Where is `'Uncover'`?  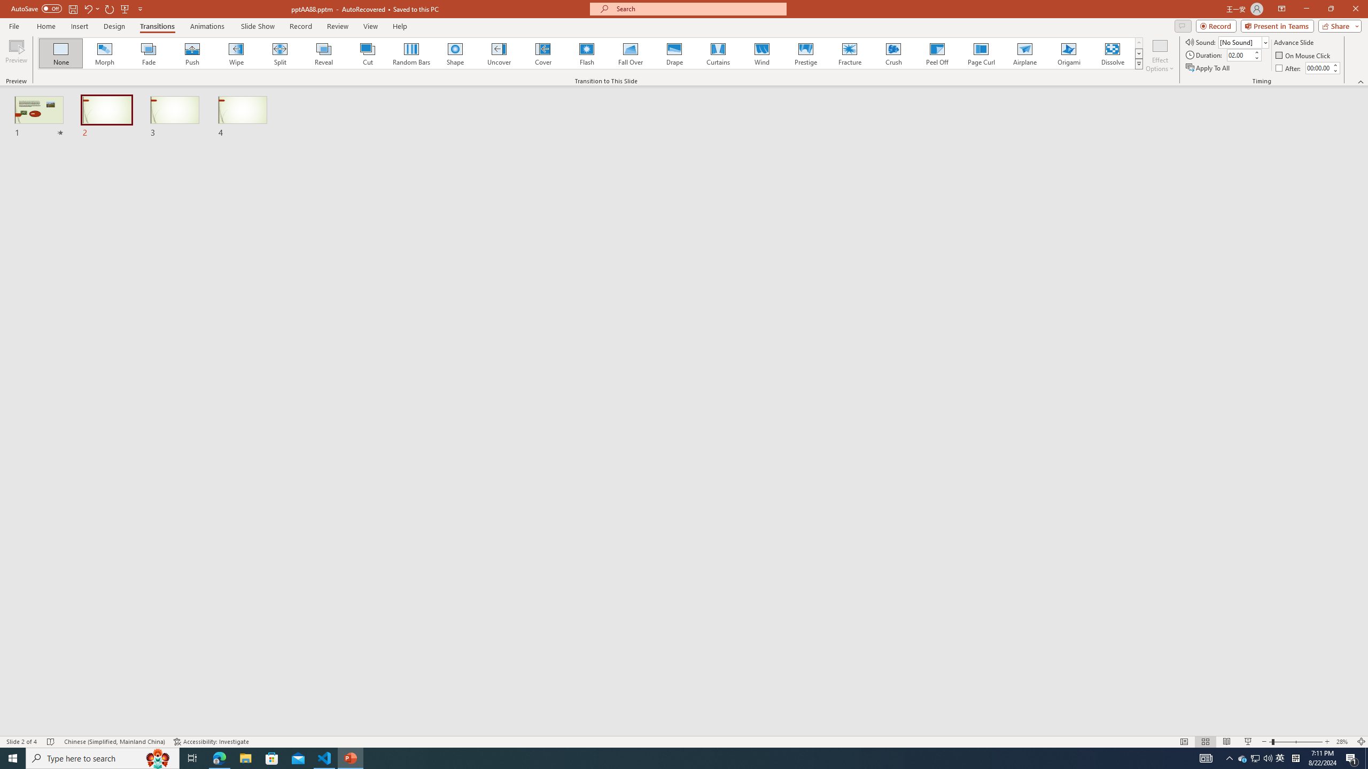 'Uncover' is located at coordinates (499, 53).